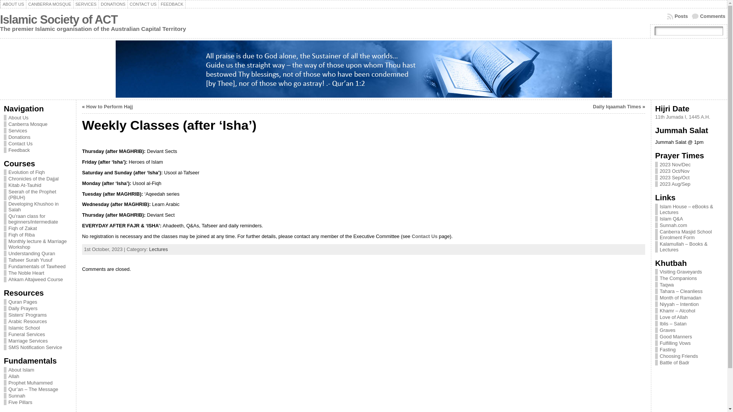  I want to click on 'Lectures', so click(158, 249).